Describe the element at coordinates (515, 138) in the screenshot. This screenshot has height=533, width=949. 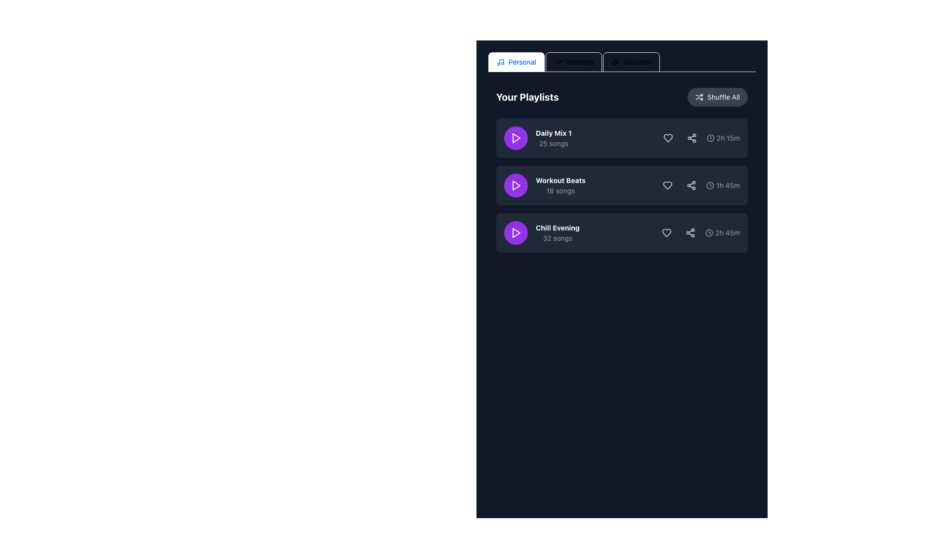
I see `the button that initiates playback for the 'Daily Mix 1' playlist, located` at that location.